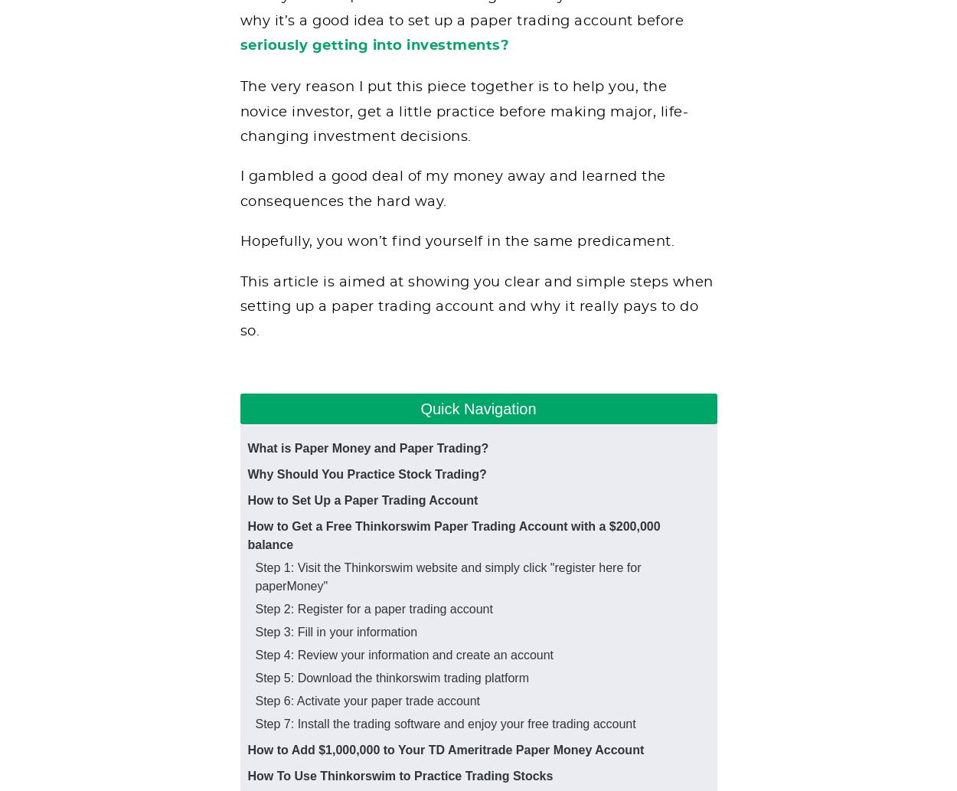 This screenshot has height=791, width=957. What do you see at coordinates (404, 654) in the screenshot?
I see `'Step 4: Review your information and create an account'` at bounding box center [404, 654].